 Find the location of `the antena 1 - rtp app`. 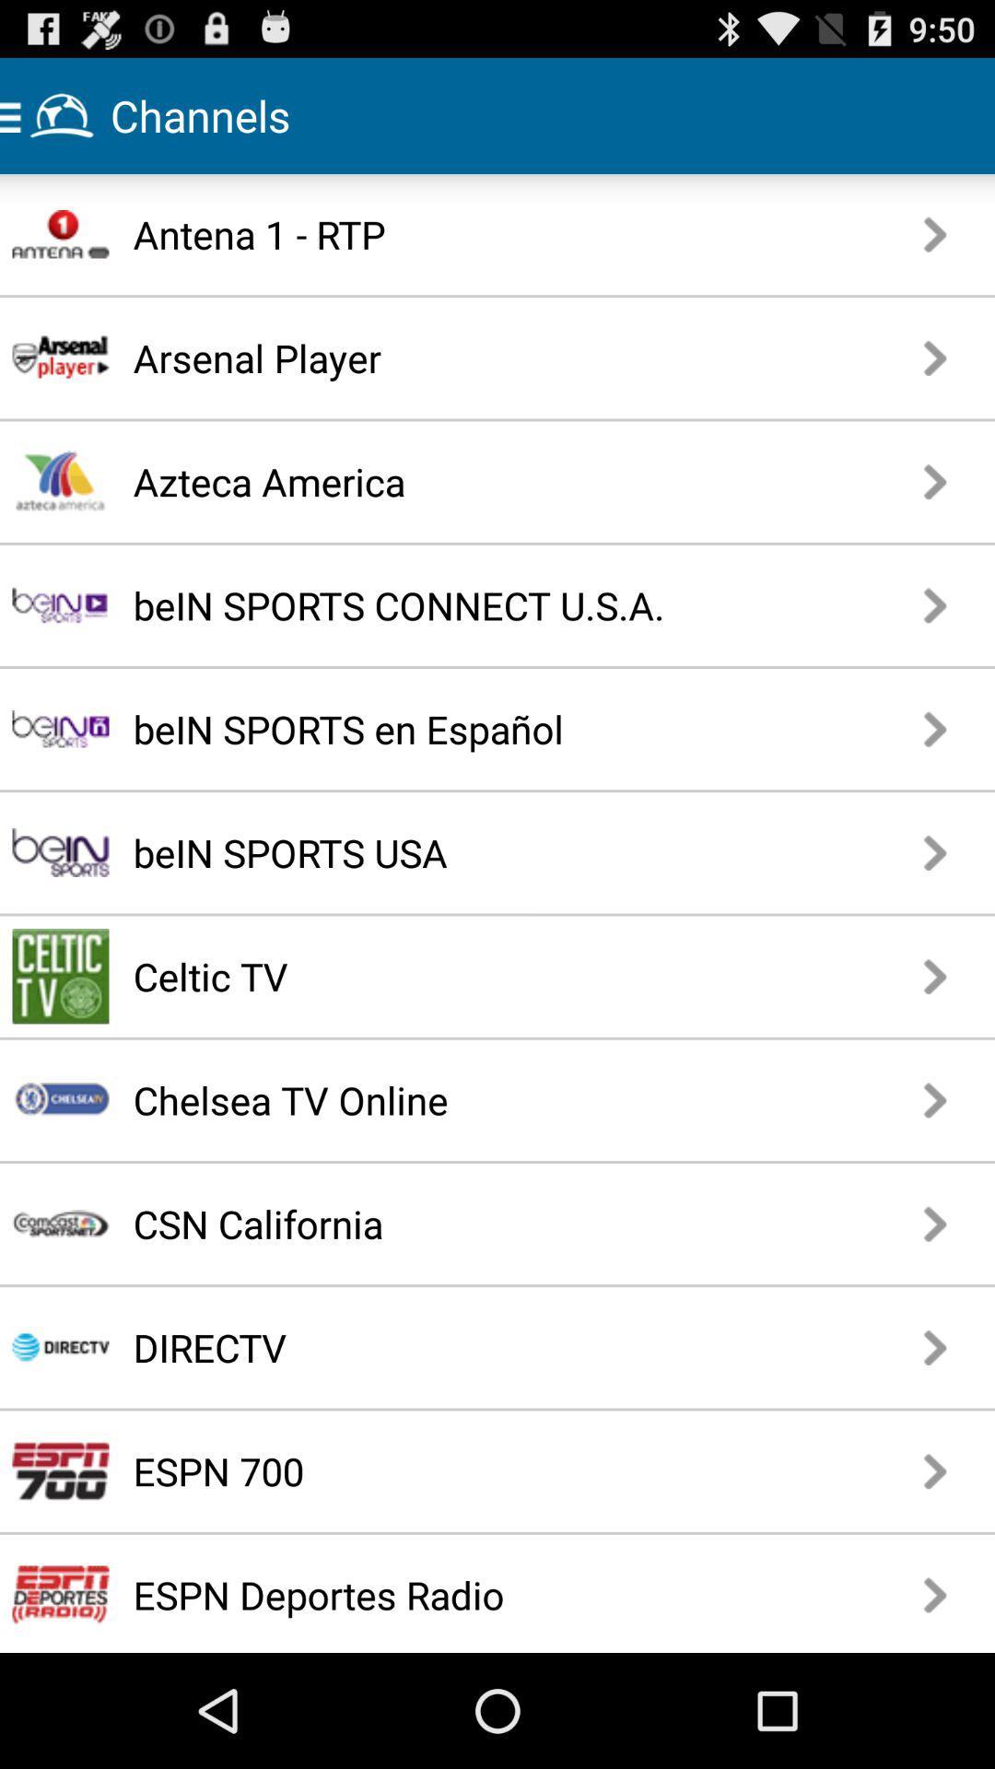

the antena 1 - rtp app is located at coordinates (446, 233).